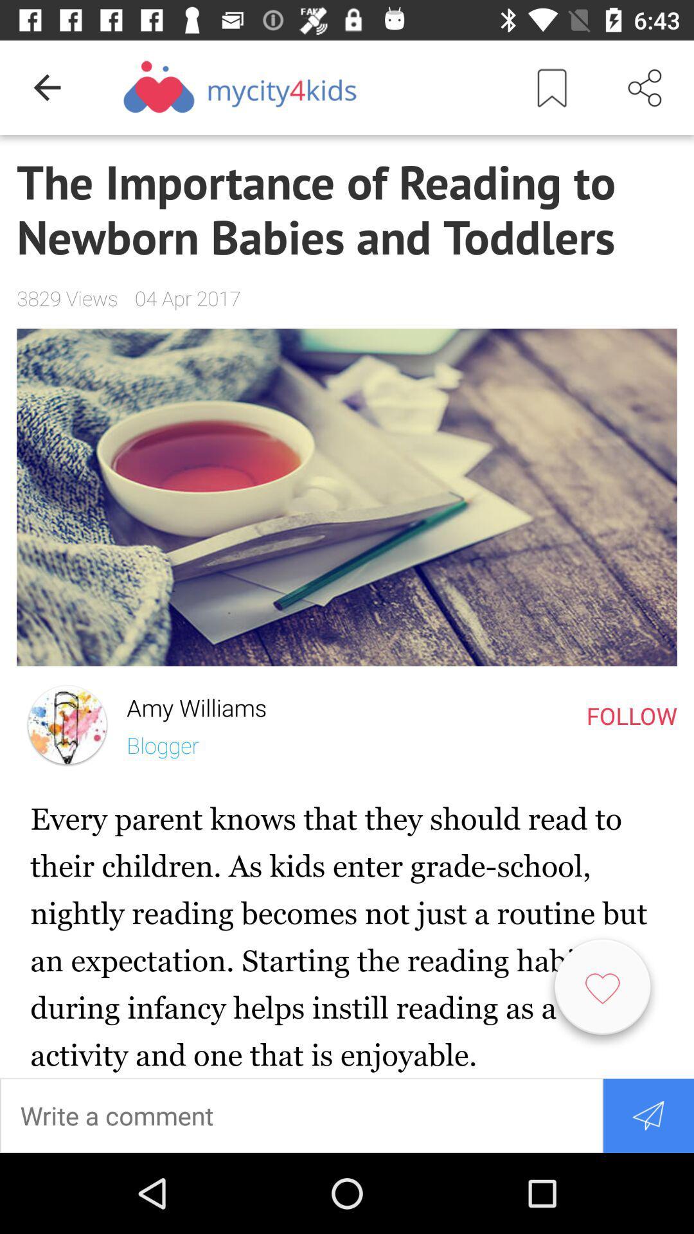  What do you see at coordinates (46, 87) in the screenshot?
I see `item above the importance of` at bounding box center [46, 87].